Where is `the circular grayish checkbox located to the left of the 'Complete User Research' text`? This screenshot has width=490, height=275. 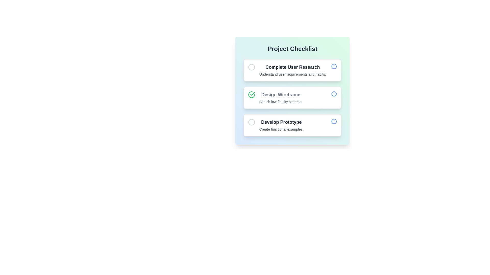
the circular grayish checkbox located to the left of the 'Complete User Research' text is located at coordinates (251, 67).